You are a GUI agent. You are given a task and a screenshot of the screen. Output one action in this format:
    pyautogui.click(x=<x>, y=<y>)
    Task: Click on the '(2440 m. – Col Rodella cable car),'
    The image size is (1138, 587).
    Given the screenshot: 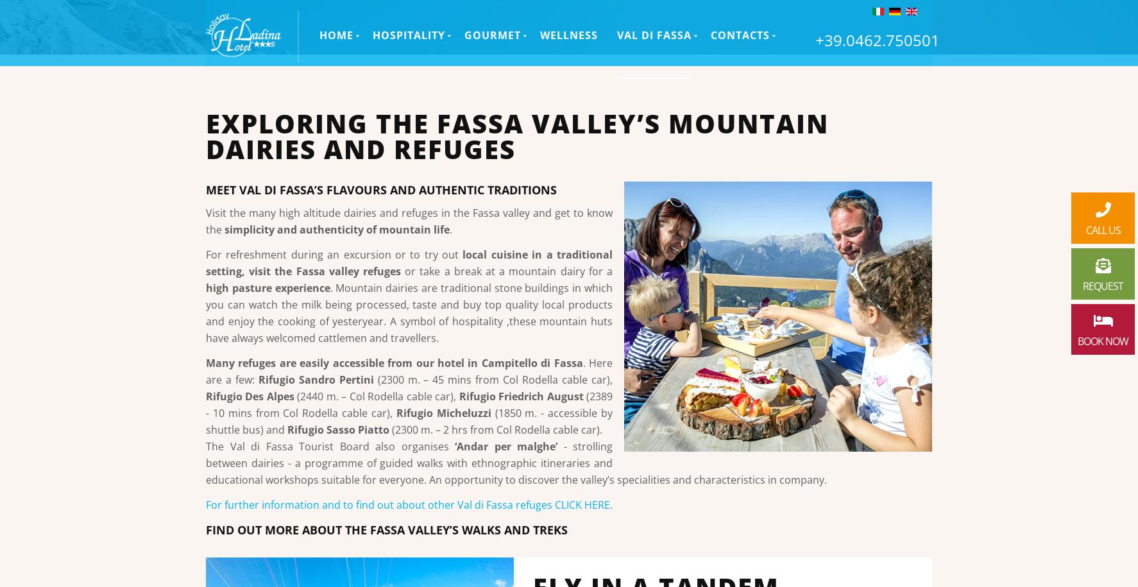 What is the action you would take?
    pyautogui.click(x=375, y=396)
    